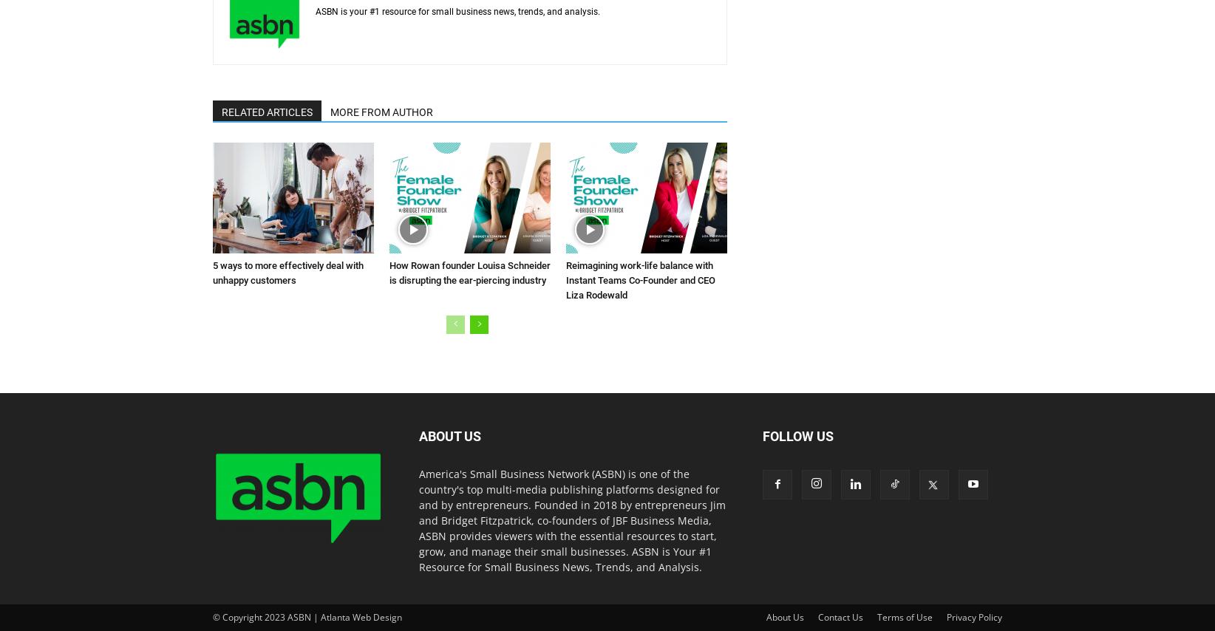 This screenshot has width=1215, height=631. Describe the element at coordinates (797, 436) in the screenshot. I see `'FOLLOW US'` at that location.